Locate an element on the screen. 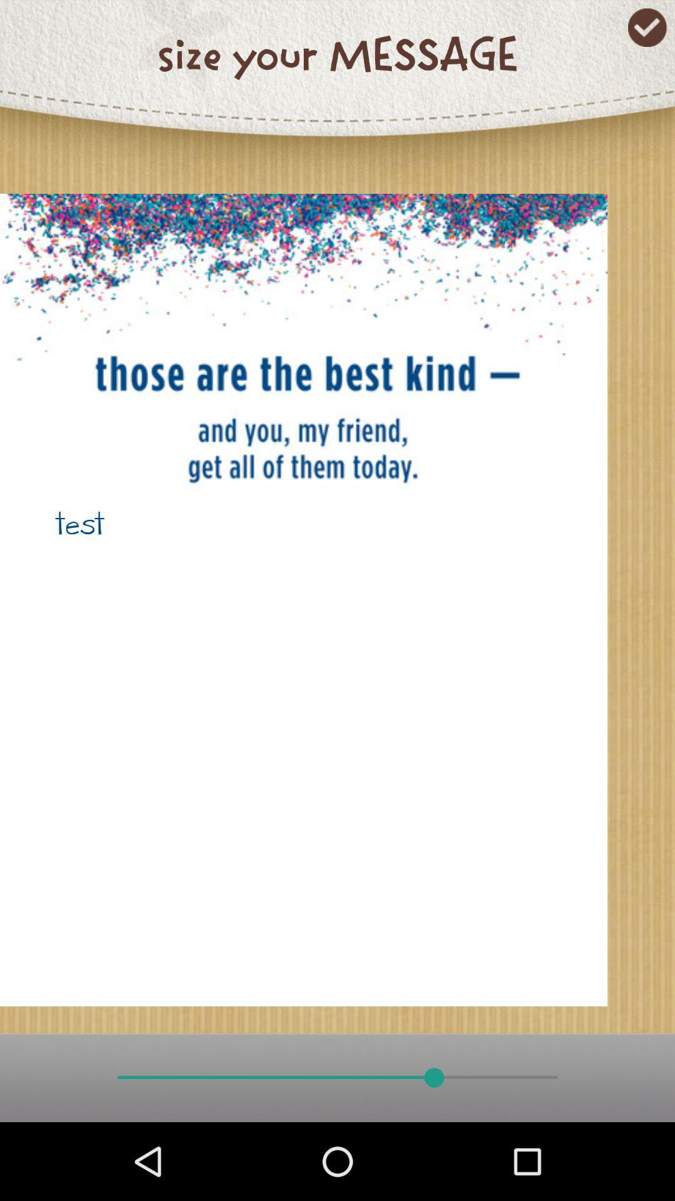  icon at the top right corner is located at coordinates (647, 28).